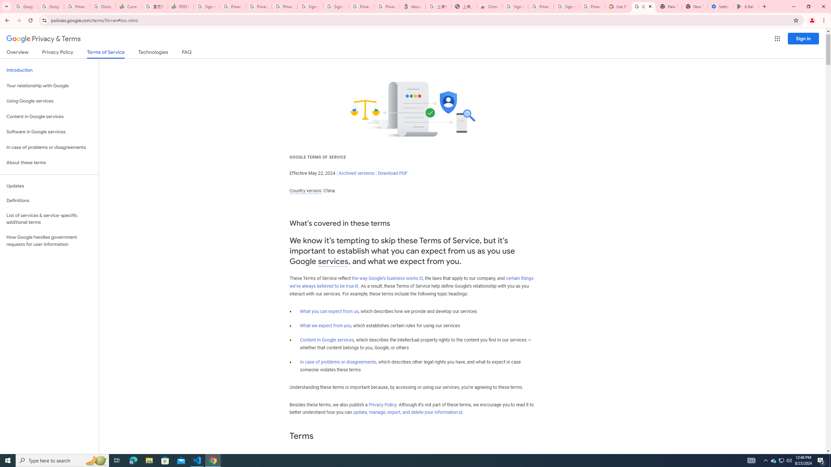 The height and width of the screenshot is (467, 831). I want to click on 'Your relationship with Google', so click(49, 86).